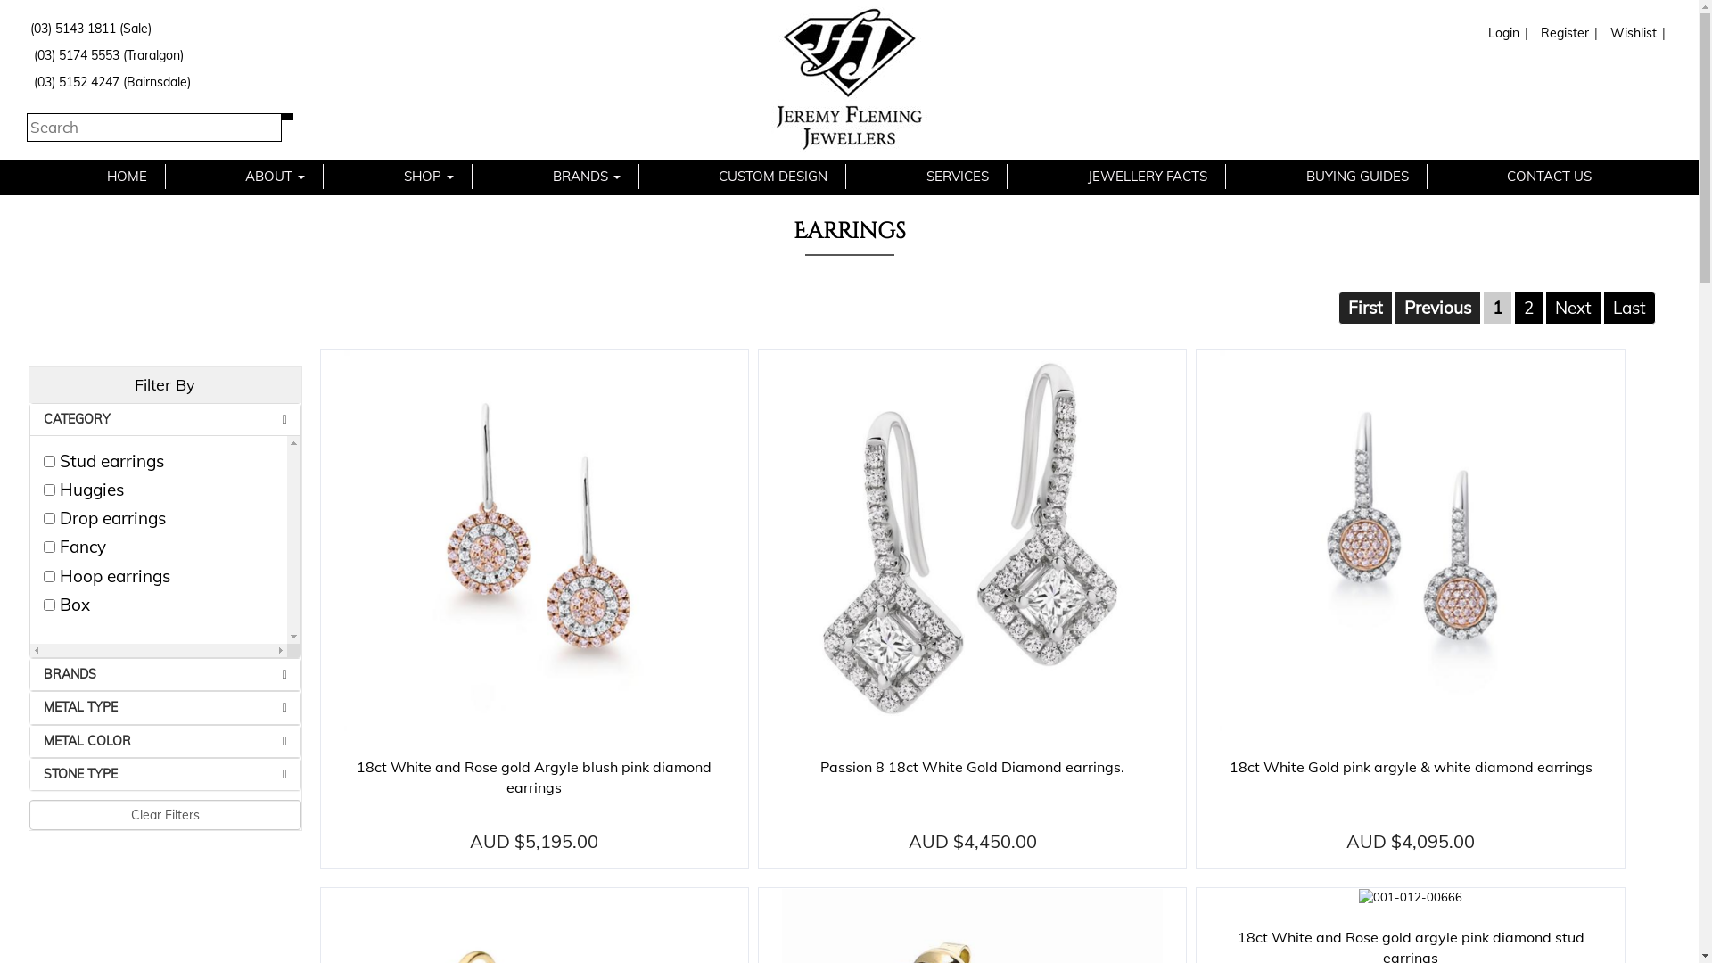 The width and height of the screenshot is (1712, 963). I want to click on 'SHOP', so click(384, 176).